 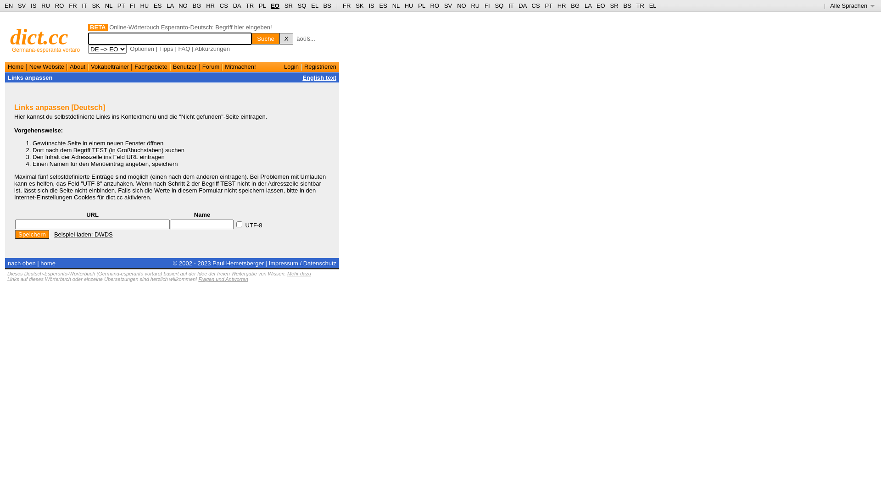 What do you see at coordinates (9, 5) in the screenshot?
I see `'EN'` at bounding box center [9, 5].